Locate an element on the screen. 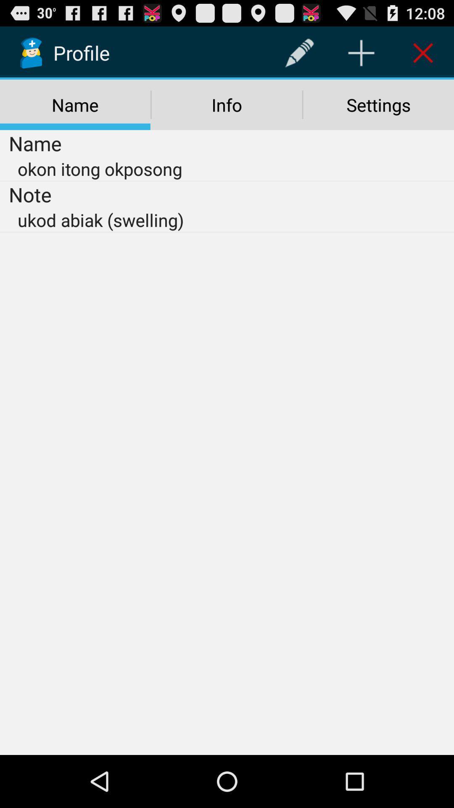 This screenshot has width=454, height=808. the icon next to info item is located at coordinates (378, 104).